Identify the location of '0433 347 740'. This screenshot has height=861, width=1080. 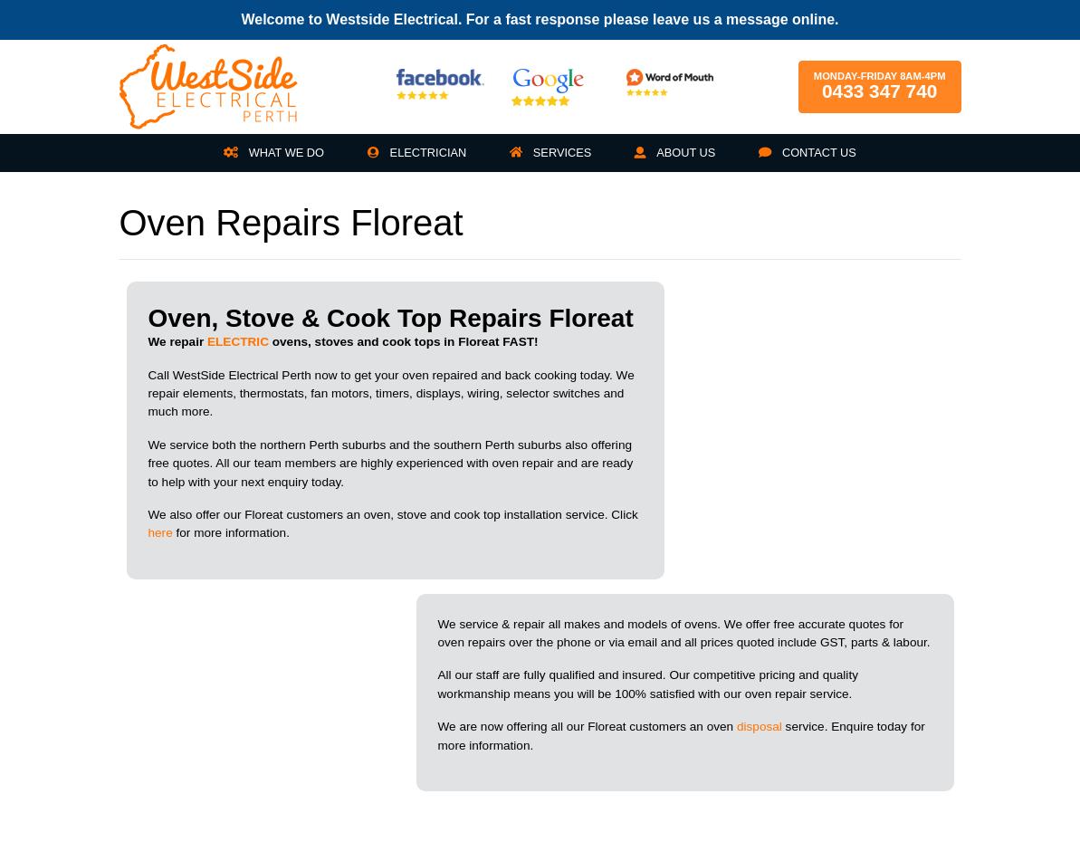
(878, 90).